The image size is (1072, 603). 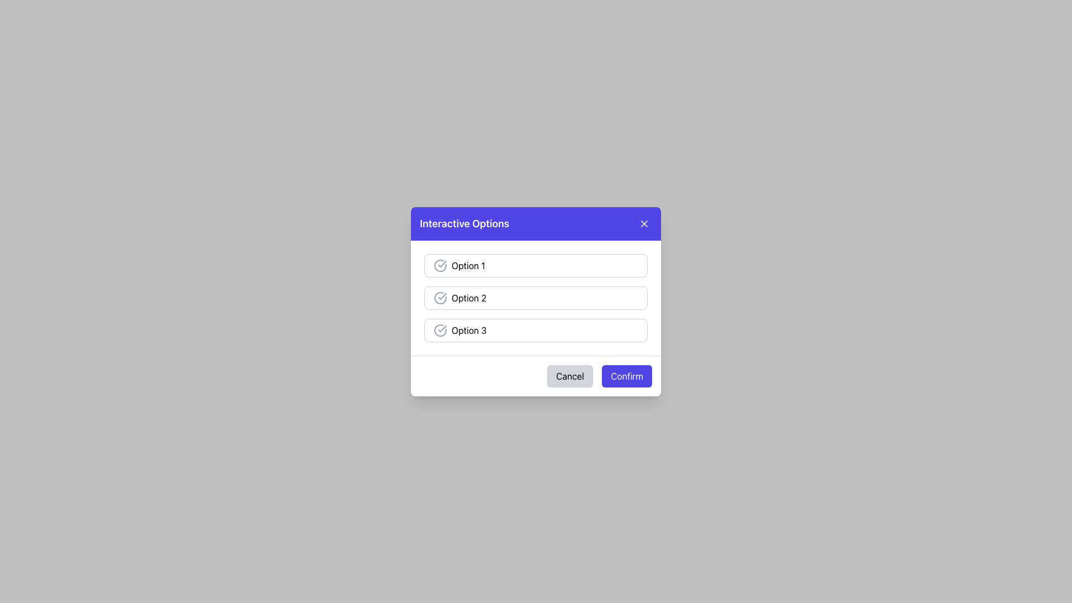 I want to click on the text label 'Option 3' which is the third selectable option under the header 'Interactive Options', so click(x=469, y=329).